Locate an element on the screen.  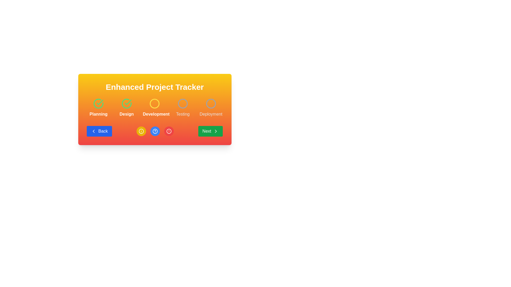
the 'Back' button icon is located at coordinates (93, 131).